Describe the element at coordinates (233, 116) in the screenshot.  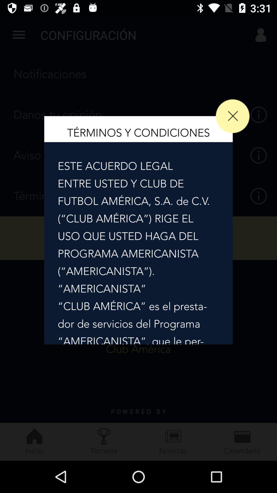
I see `item above the este acuerdo legal item` at that location.